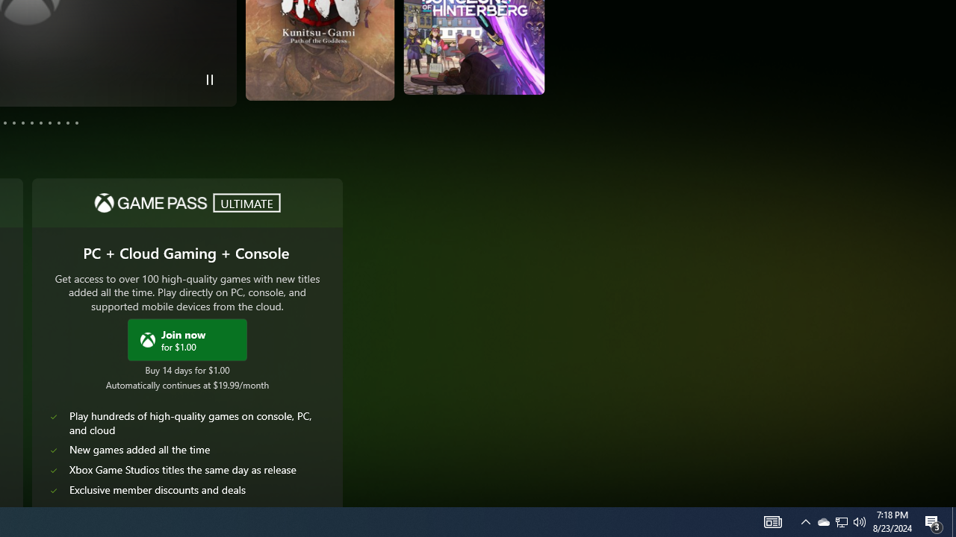  What do you see at coordinates (23, 122) in the screenshot?
I see `'Page 6'` at bounding box center [23, 122].